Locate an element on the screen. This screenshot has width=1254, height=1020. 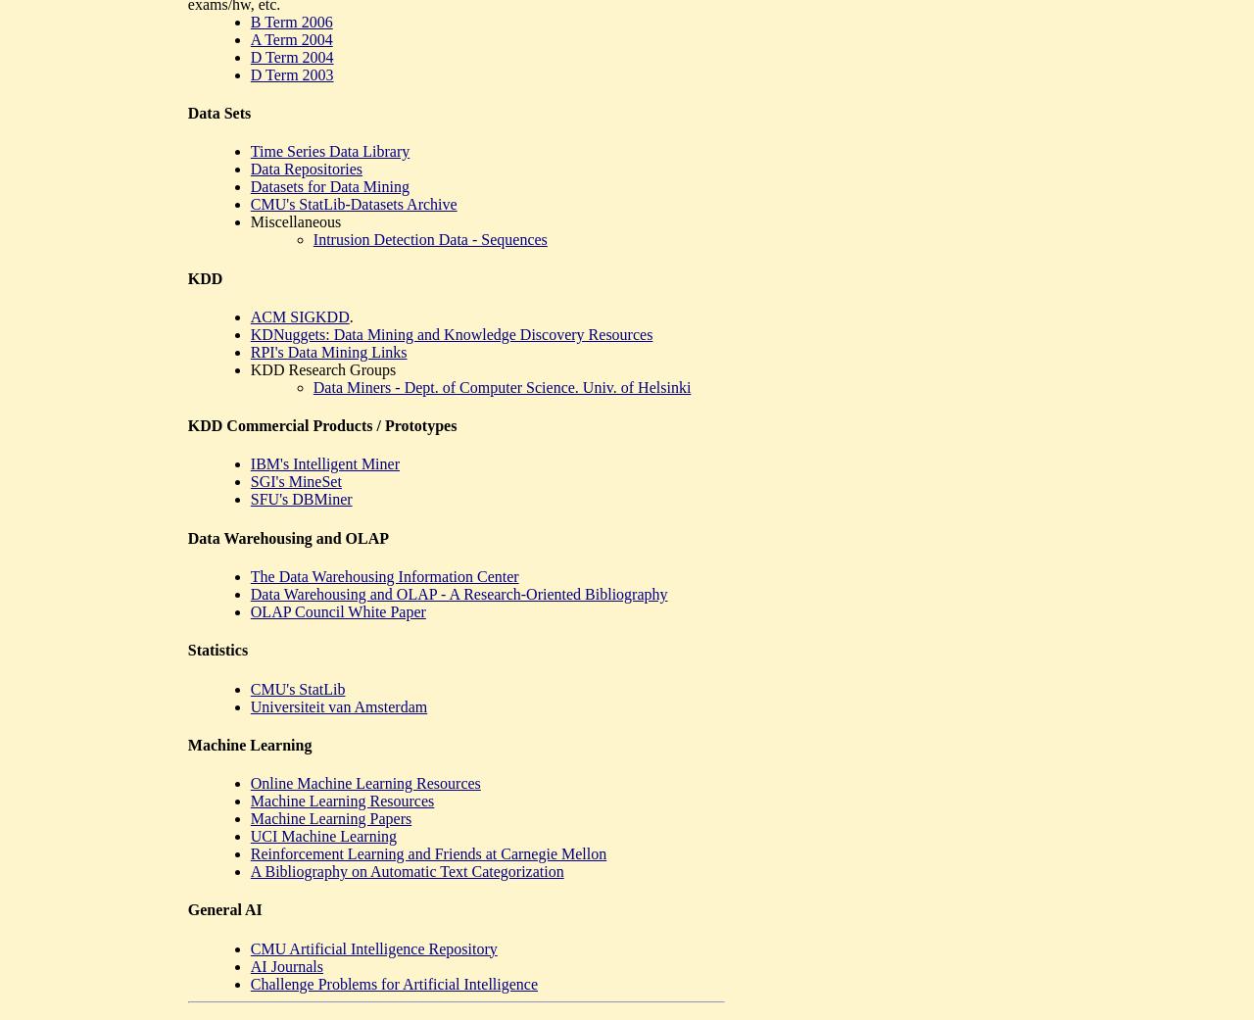
'B Term 2006' is located at coordinates (289, 20).